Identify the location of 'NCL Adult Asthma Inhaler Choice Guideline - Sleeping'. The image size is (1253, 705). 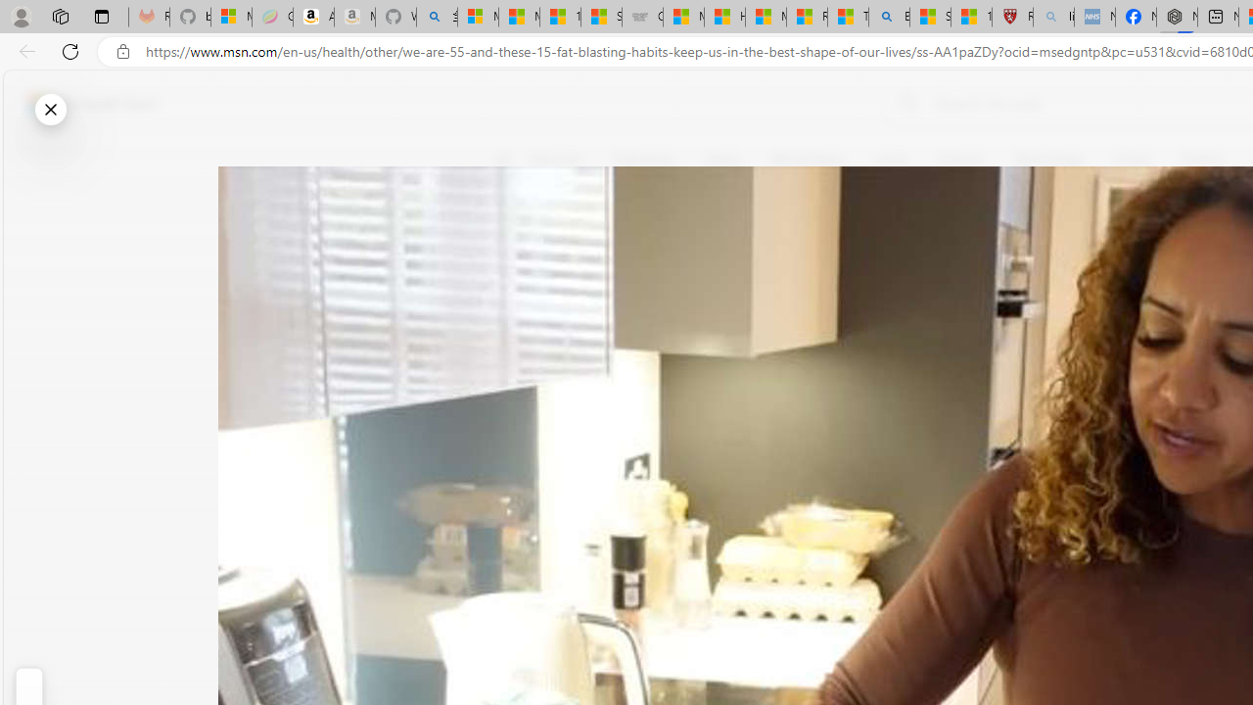
(1093, 17).